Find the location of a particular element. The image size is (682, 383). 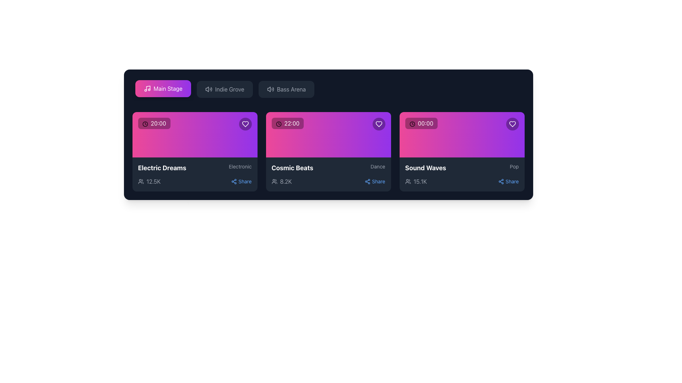

the text label displaying the start time of the associated event or session, located at the top left of the rectangular card section is located at coordinates (154, 123).